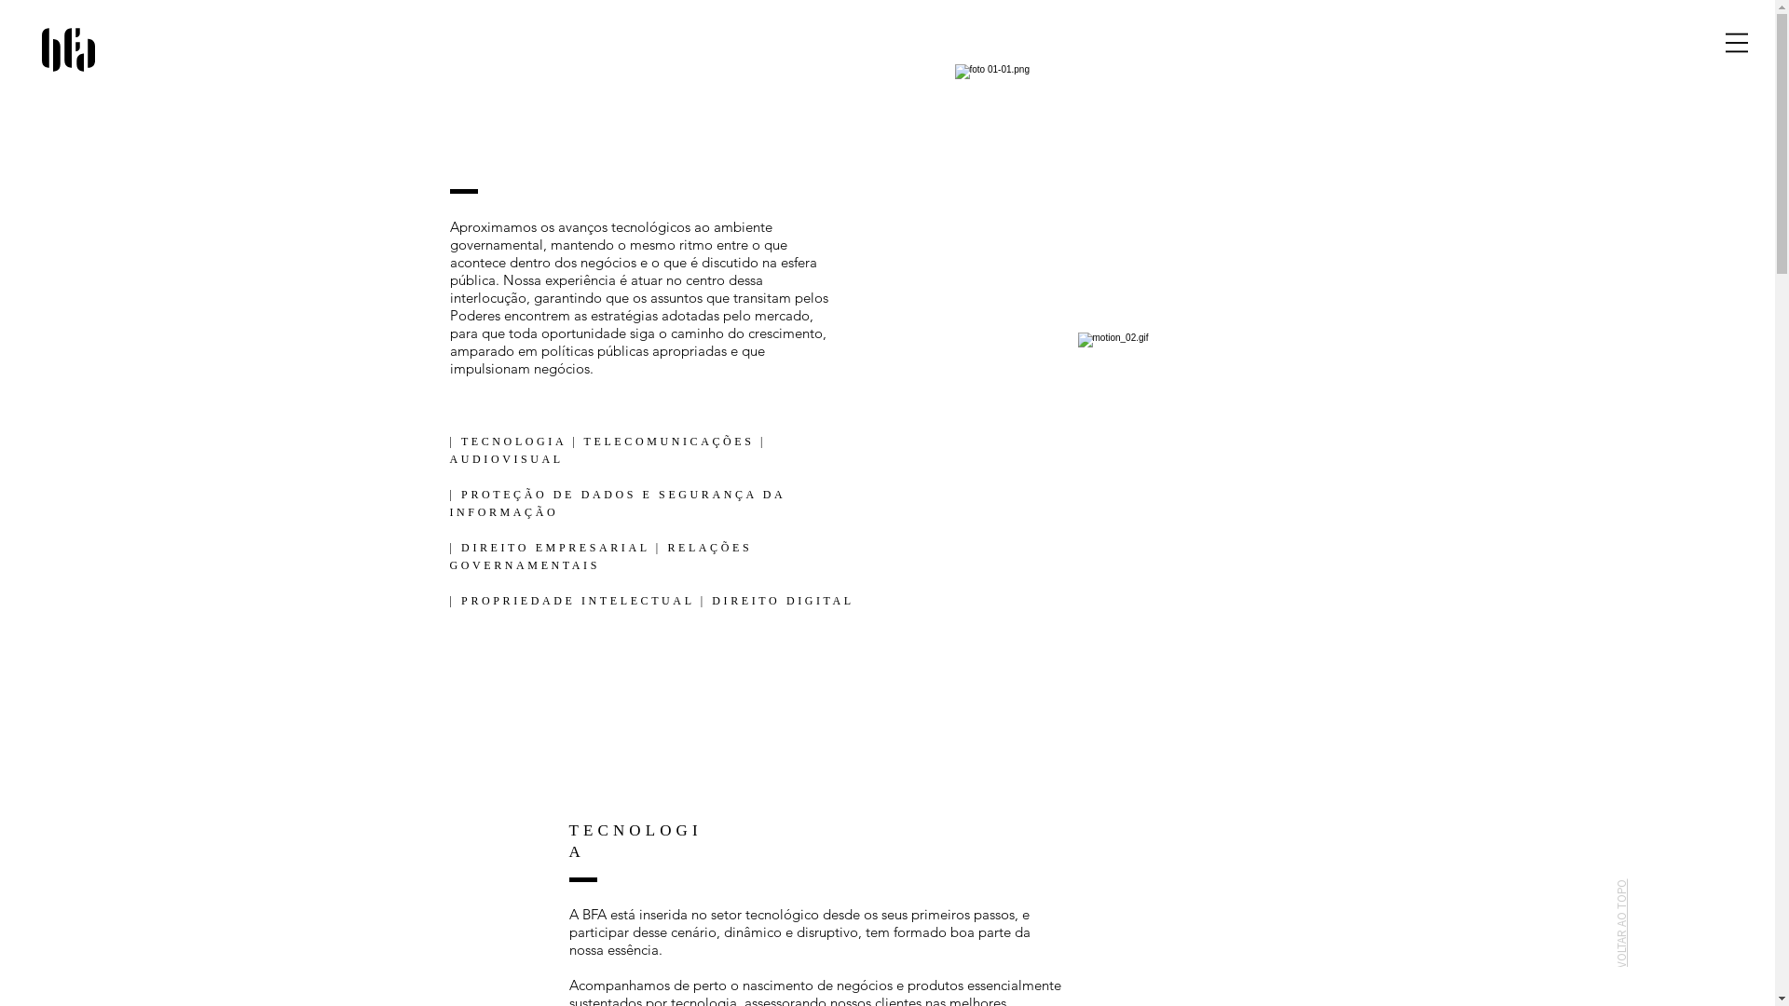 This screenshot has height=1006, width=1789. What do you see at coordinates (783, 600) in the screenshot?
I see `'DIREITO DIGITAL'` at bounding box center [783, 600].